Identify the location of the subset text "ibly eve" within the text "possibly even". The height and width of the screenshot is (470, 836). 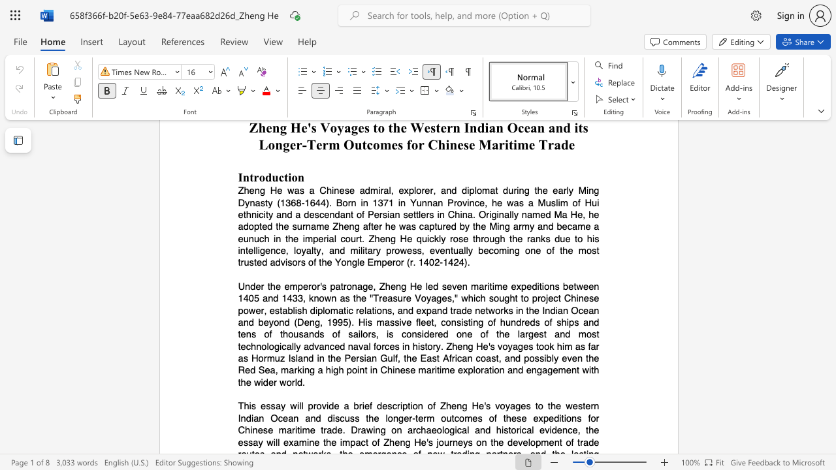
(544, 358).